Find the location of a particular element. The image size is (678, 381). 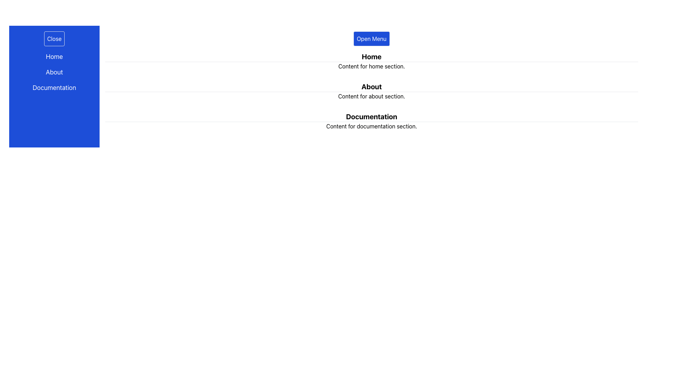

the 'Documentation' section, which features a bold, large title underlined and followed by descriptive text, located at the bottom of the main content sections is located at coordinates (371, 121).